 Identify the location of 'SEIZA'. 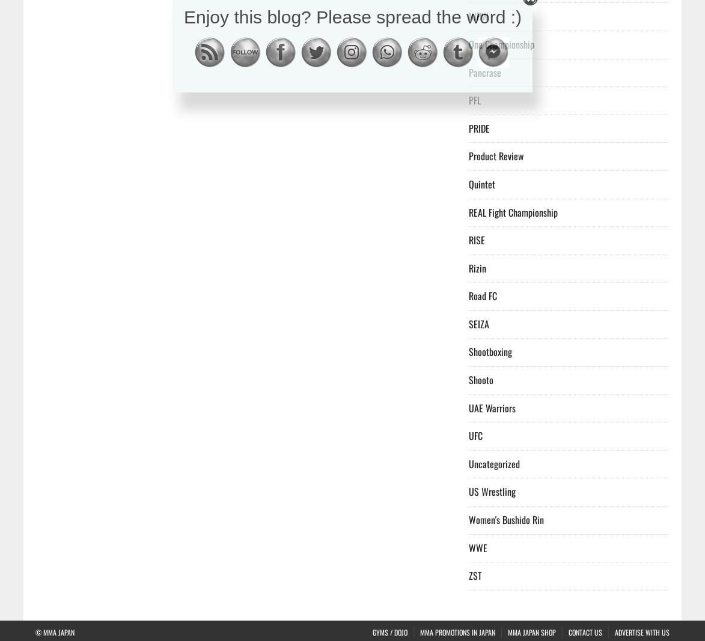
(479, 323).